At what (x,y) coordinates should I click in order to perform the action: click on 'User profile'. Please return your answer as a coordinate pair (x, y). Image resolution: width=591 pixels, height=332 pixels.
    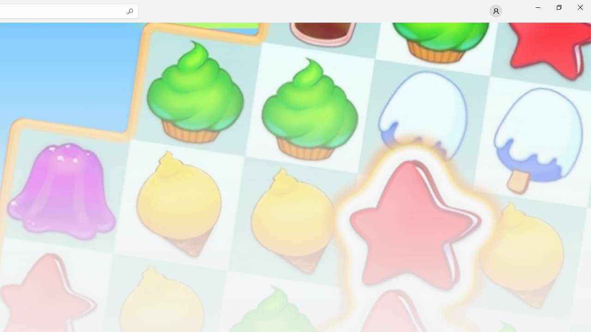
    Looking at the image, I should click on (495, 11).